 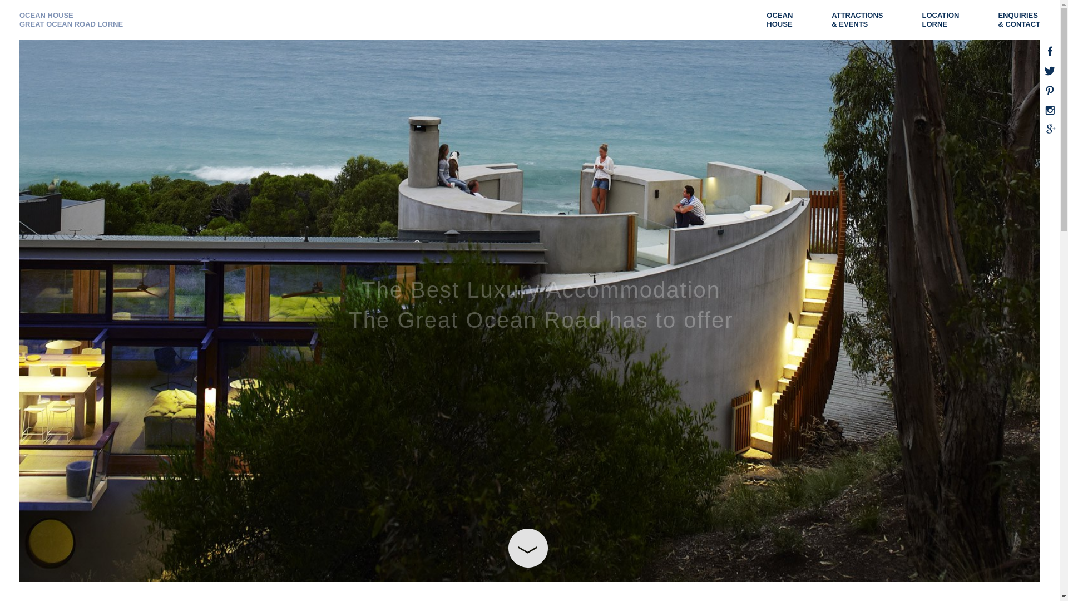 I want to click on 'ATTRACTIONS, so click(x=831, y=19).